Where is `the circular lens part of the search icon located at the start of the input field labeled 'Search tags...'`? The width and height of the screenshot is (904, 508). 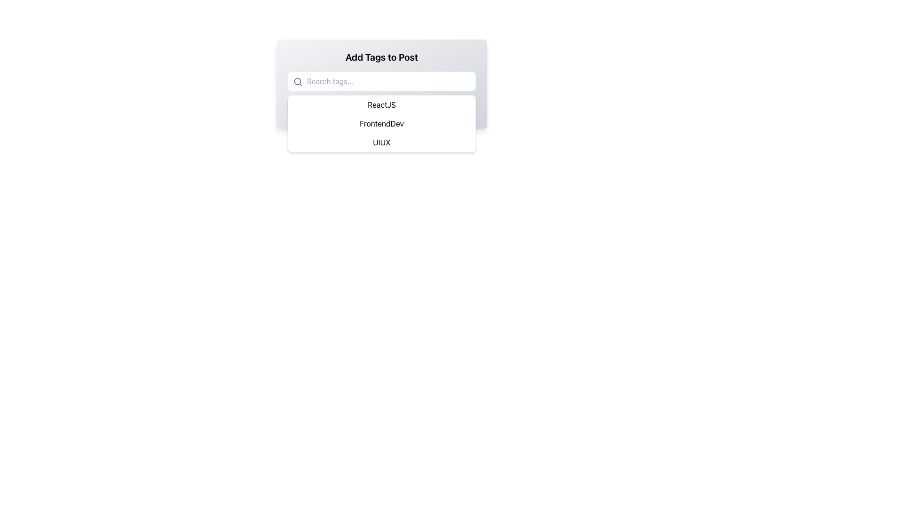 the circular lens part of the search icon located at the start of the input field labeled 'Search tags...' is located at coordinates (297, 81).